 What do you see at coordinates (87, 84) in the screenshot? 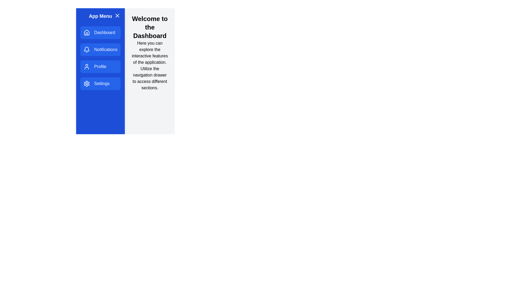
I see `the settings icon located on the right side of the 'Settings' button in the left sidebar, which is the fourth option in the vertical navigation stack` at bounding box center [87, 84].